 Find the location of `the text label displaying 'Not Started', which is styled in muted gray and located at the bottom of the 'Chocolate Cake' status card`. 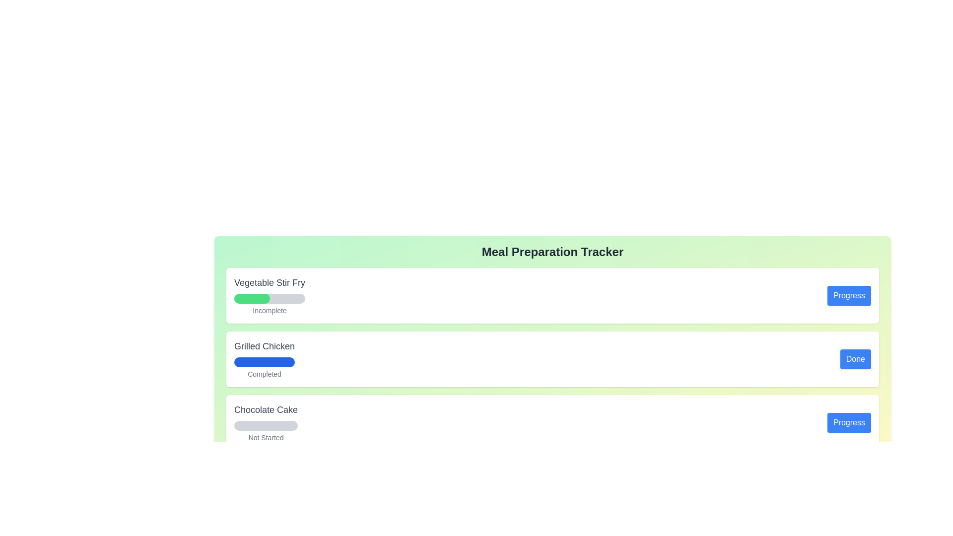

the text label displaying 'Not Started', which is styled in muted gray and located at the bottom of the 'Chocolate Cake' status card is located at coordinates (266, 437).